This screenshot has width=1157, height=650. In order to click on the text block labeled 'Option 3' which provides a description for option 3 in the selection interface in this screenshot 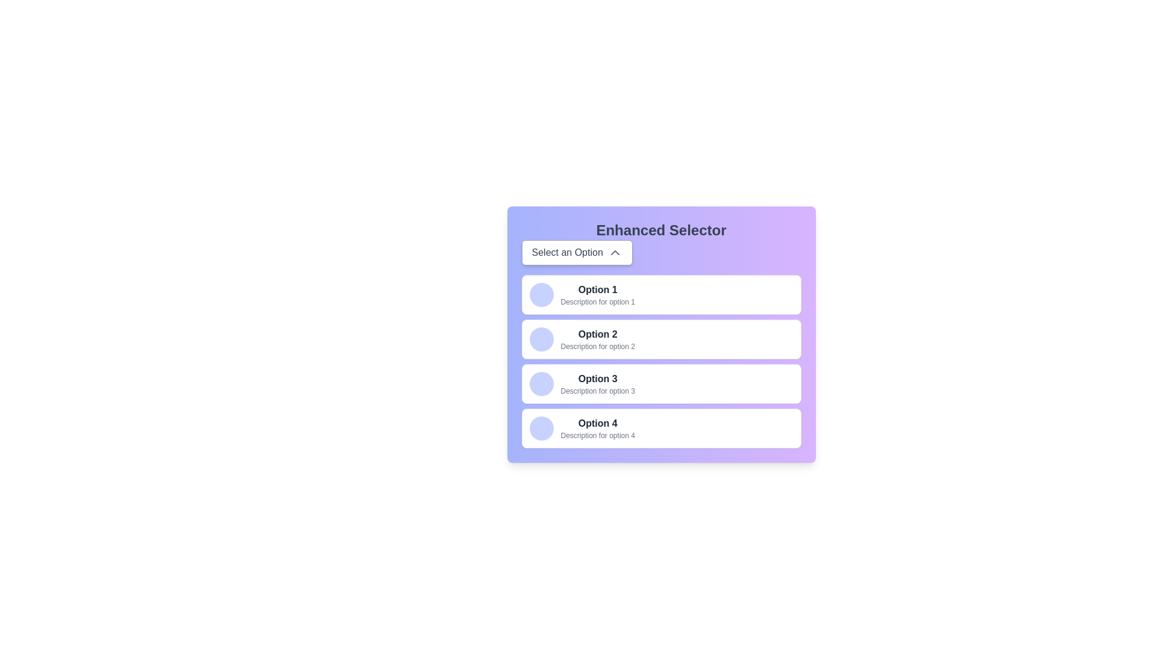, I will do `click(598, 383)`.